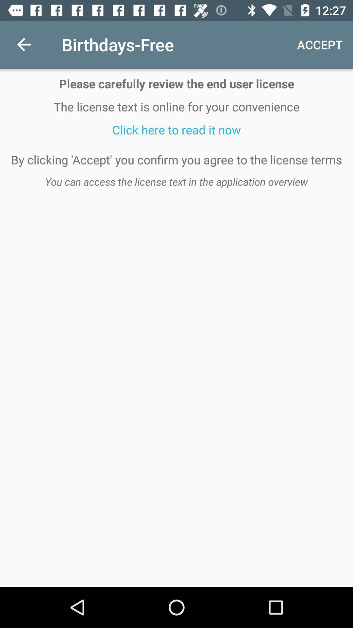  I want to click on the item above the by clicking accept, so click(176, 130).